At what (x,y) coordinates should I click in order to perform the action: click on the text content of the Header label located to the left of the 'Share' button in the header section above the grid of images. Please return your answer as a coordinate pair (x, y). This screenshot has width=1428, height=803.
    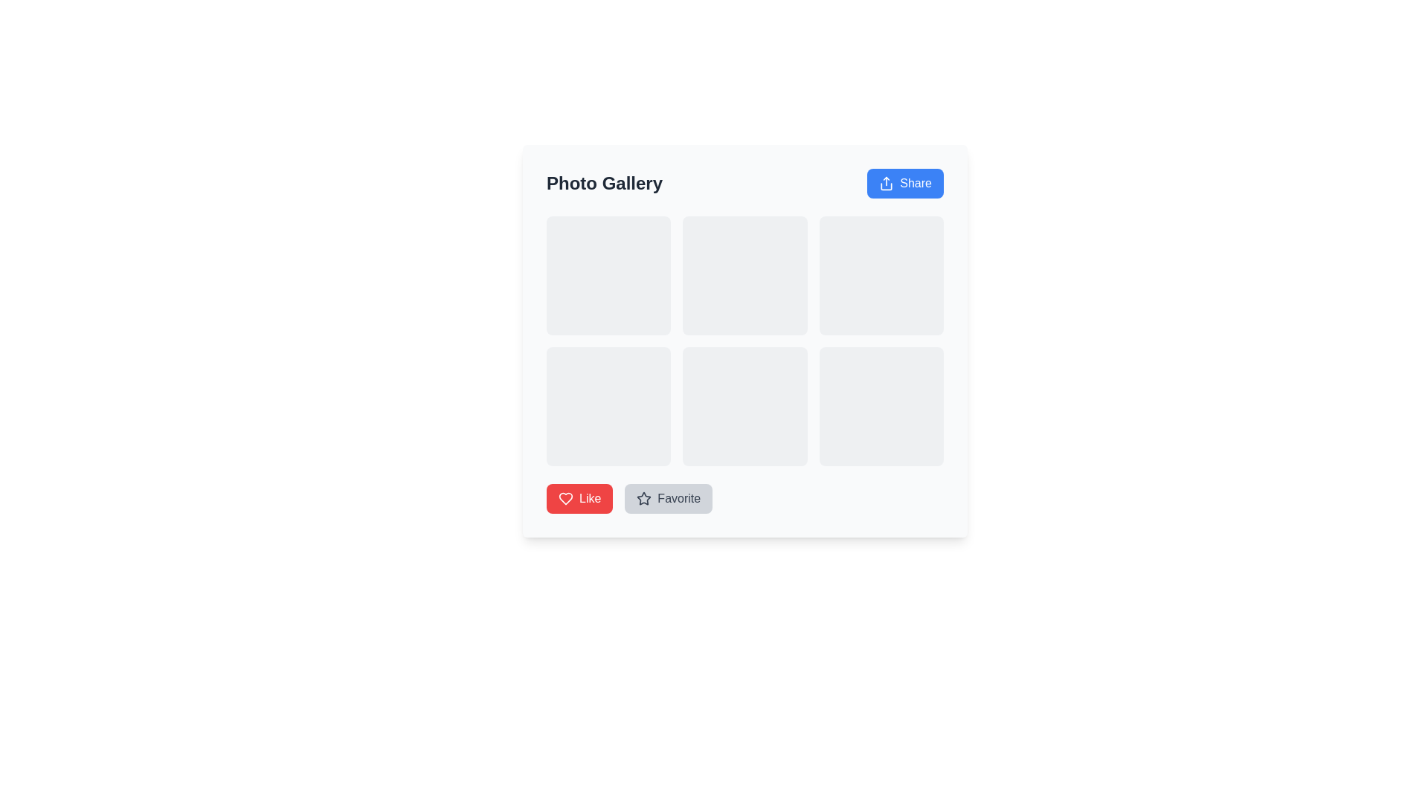
    Looking at the image, I should click on (604, 182).